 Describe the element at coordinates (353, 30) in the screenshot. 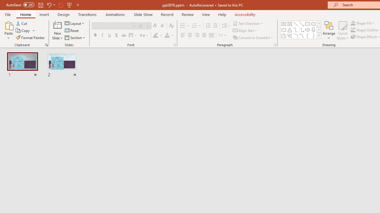

I see `'Shape Outline Green, Accent 1'` at that location.